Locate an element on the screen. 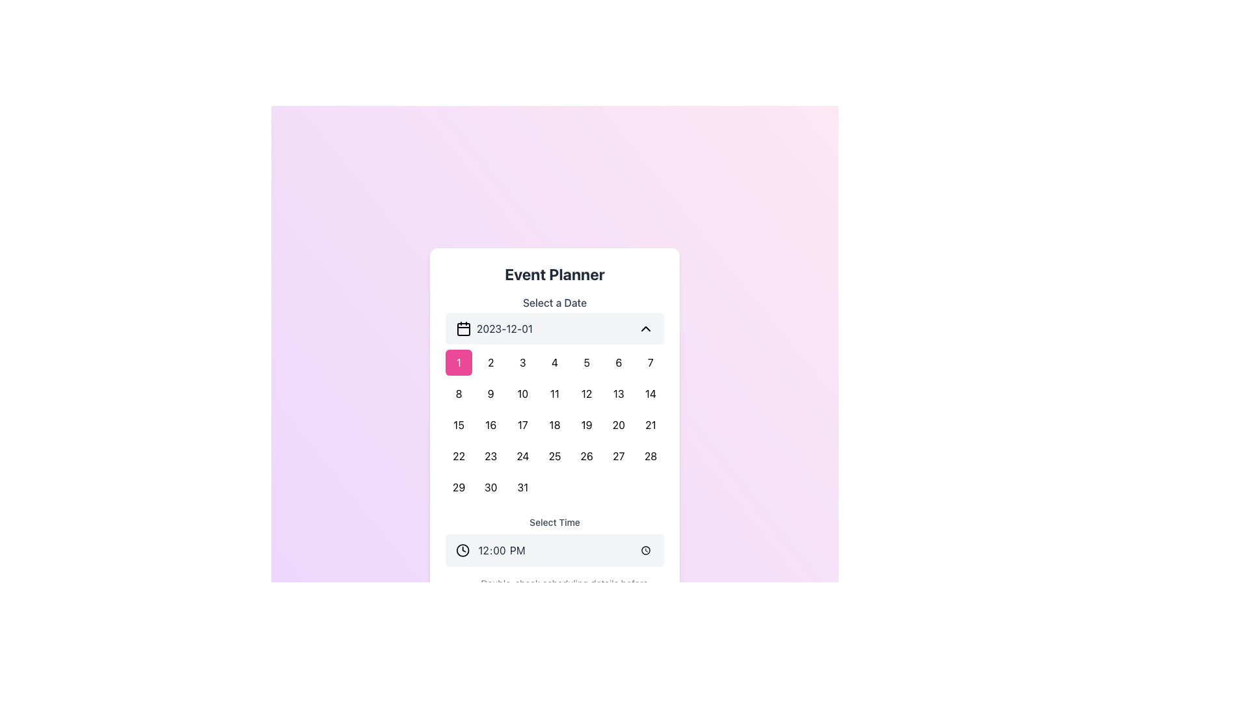 This screenshot has width=1249, height=702. the Chevron Up Icon located at the right end of the date selection box displaying '2023-12-01' is located at coordinates (646, 328).